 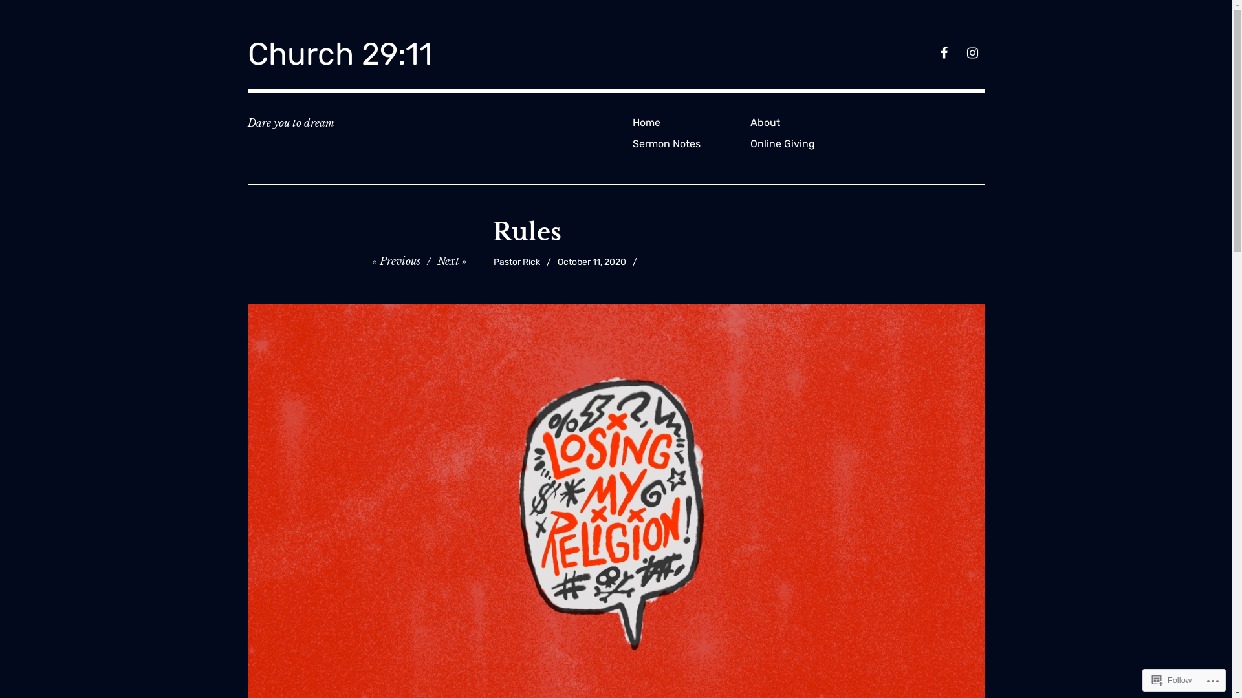 What do you see at coordinates (591, 262) in the screenshot?
I see `'October 11, 2020'` at bounding box center [591, 262].